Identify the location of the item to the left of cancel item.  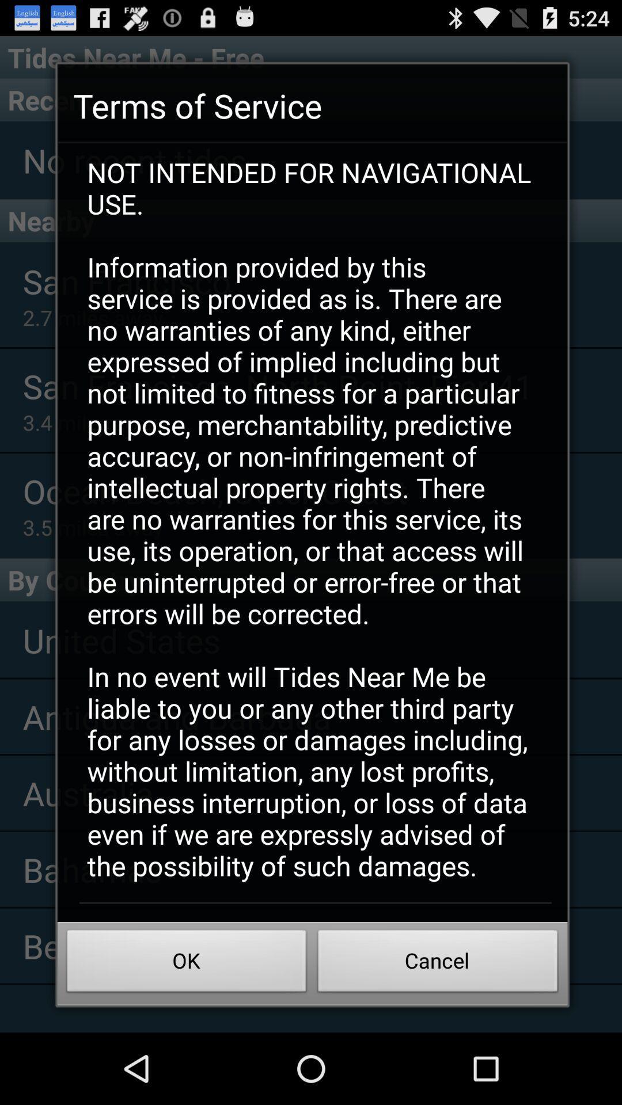
(186, 964).